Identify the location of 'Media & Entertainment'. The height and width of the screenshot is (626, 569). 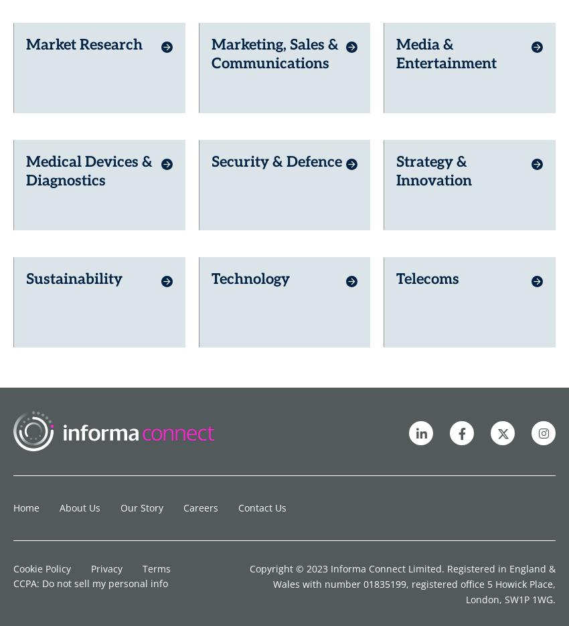
(446, 31).